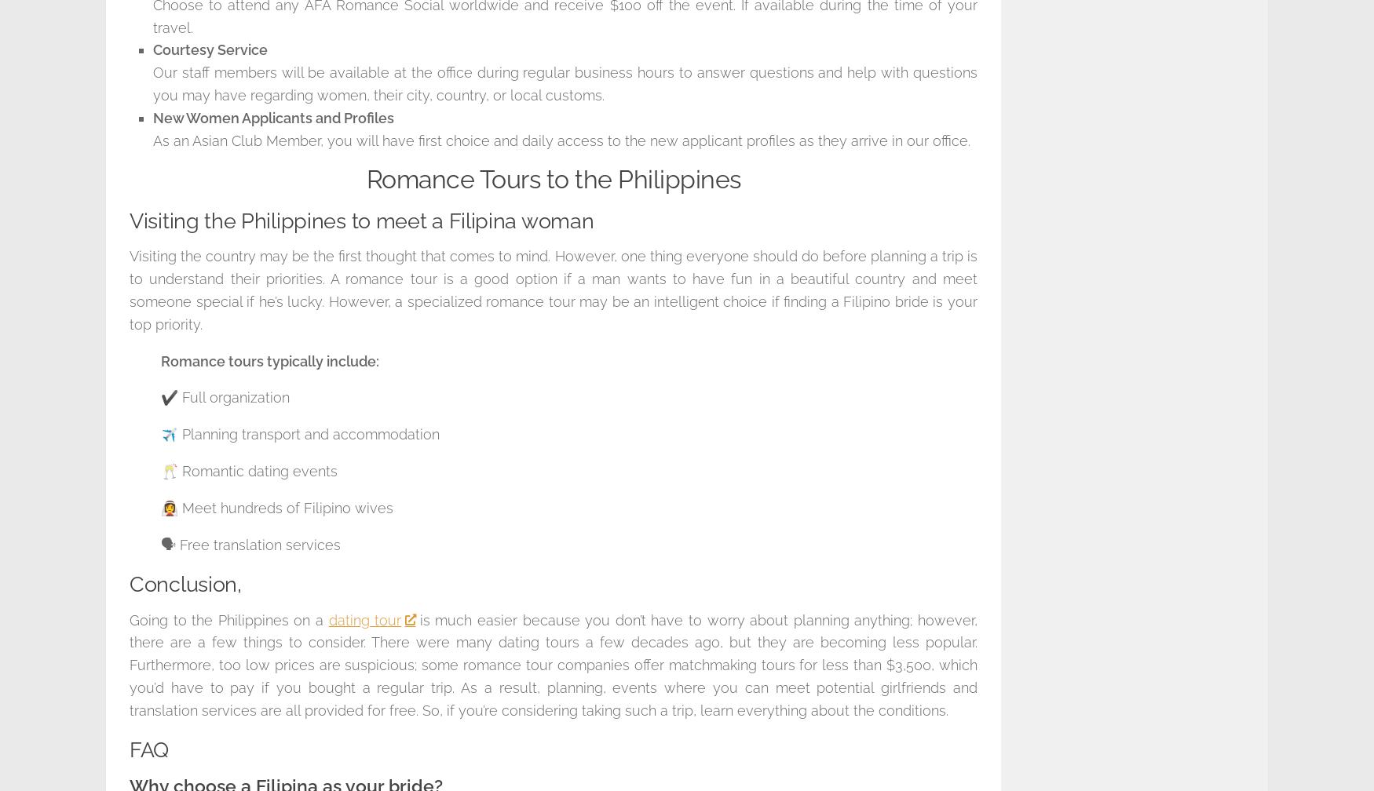 This screenshot has width=1374, height=791. What do you see at coordinates (149, 749) in the screenshot?
I see `'FAQ'` at bounding box center [149, 749].